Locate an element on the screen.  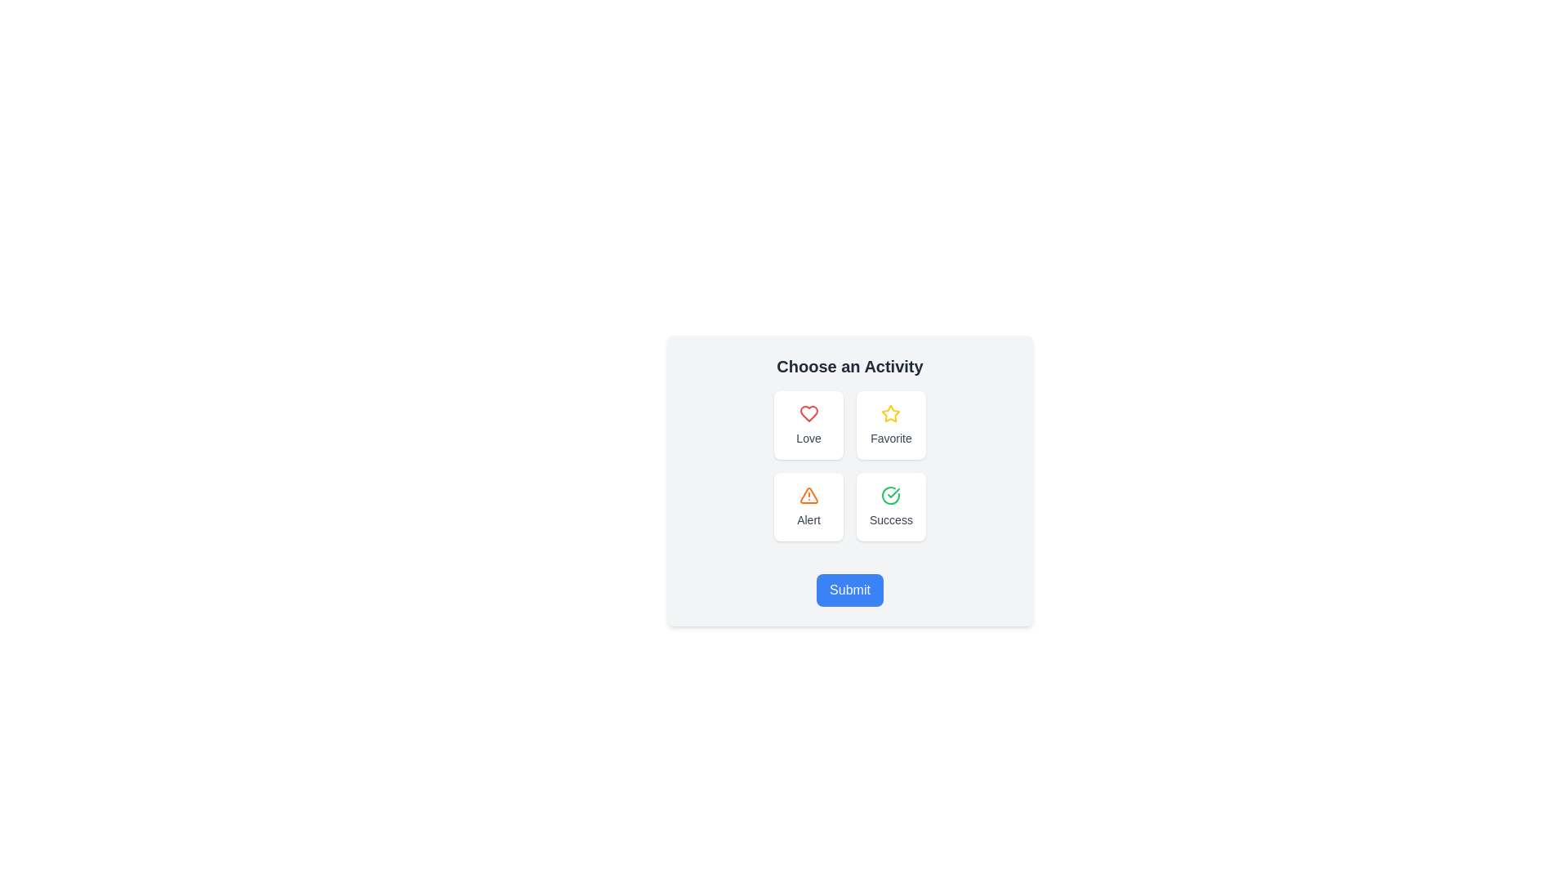
the checkmark within the green circular icon labeled 'Success' located in the lower-right of the grid under 'Choose an Activity' is located at coordinates (893, 492).